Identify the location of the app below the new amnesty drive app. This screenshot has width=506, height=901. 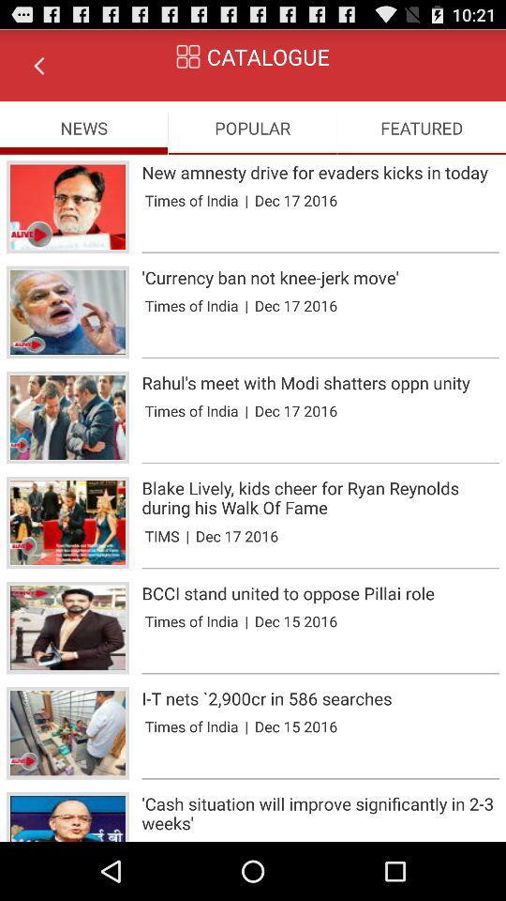
(246, 200).